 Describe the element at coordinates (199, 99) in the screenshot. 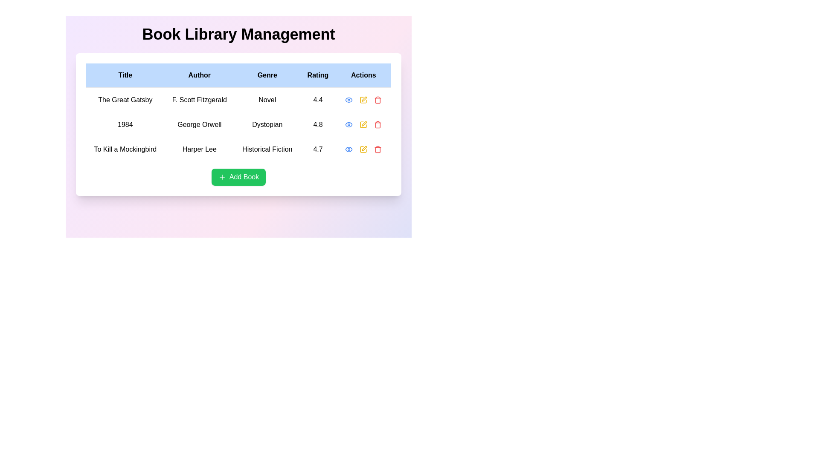

I see `the text label identifying the author of 'The Great Gatsby' in the second cell of the 'Author' column in the first row of the table` at that location.